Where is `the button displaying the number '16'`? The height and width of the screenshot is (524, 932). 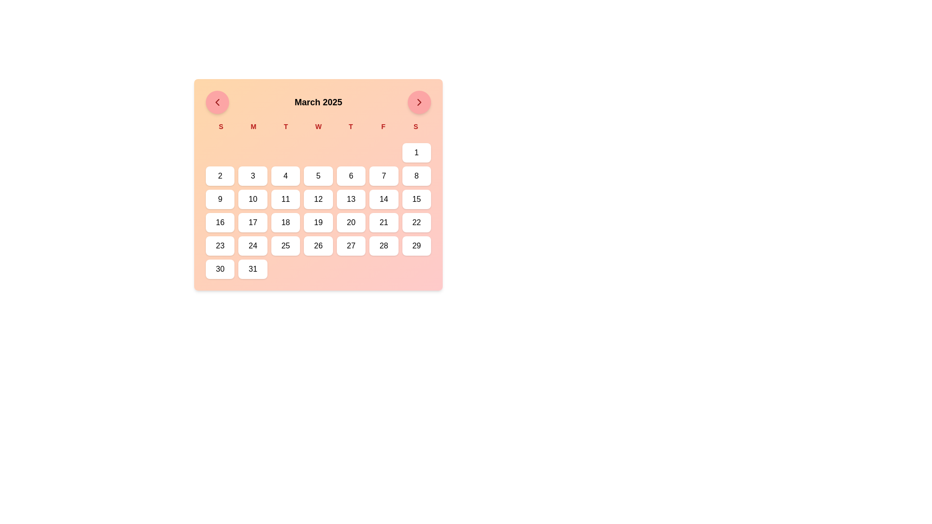
the button displaying the number '16' is located at coordinates (219, 223).